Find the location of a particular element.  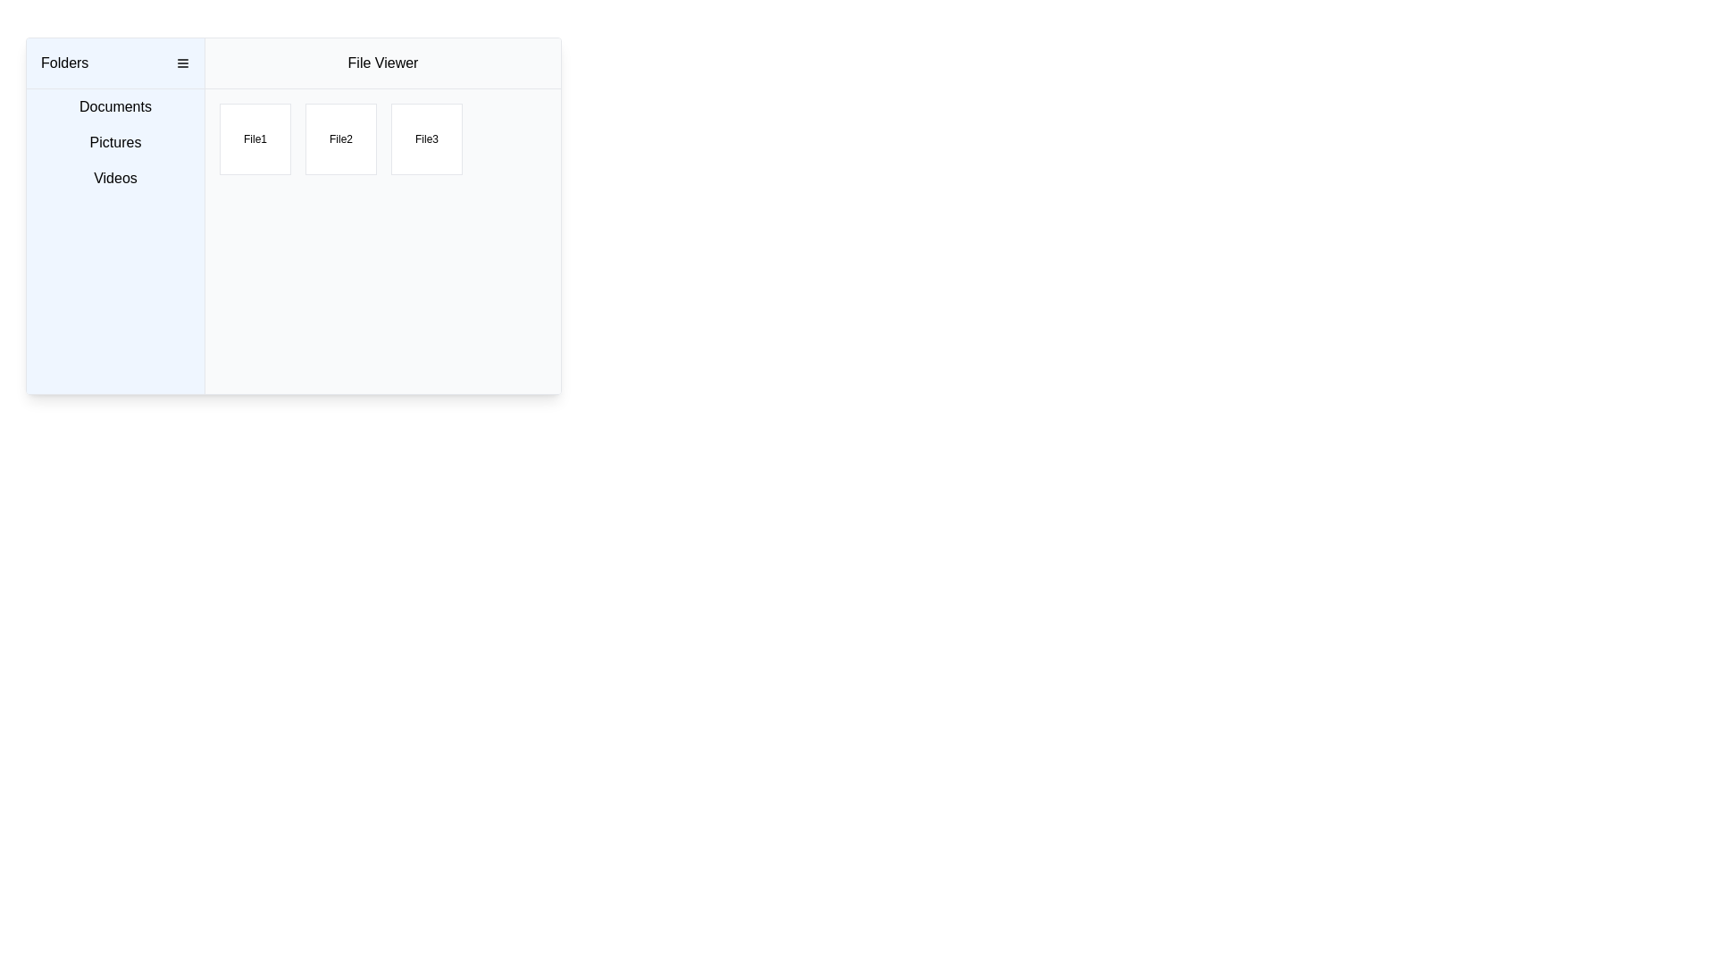

the selectable file representation for 'File1' in the 'File Viewer' interface is located at coordinates (255, 138).